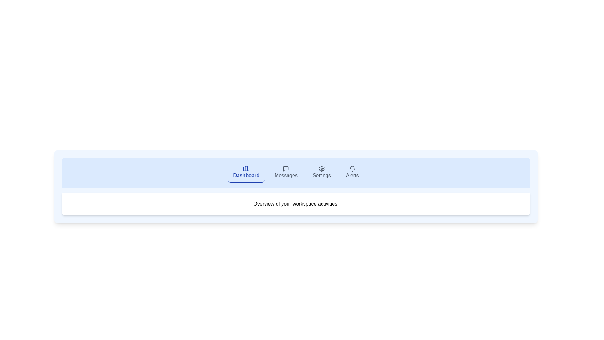 This screenshot has height=340, width=604. Describe the element at coordinates (322, 173) in the screenshot. I see `the tab labeled Settings to observe visual feedback` at that location.